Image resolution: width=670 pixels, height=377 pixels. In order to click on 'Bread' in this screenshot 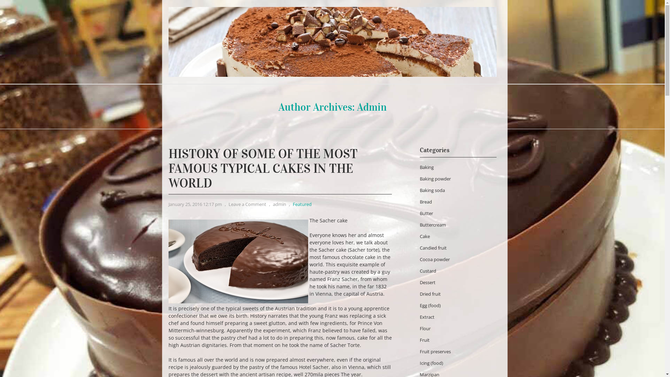, I will do `click(425, 202)`.